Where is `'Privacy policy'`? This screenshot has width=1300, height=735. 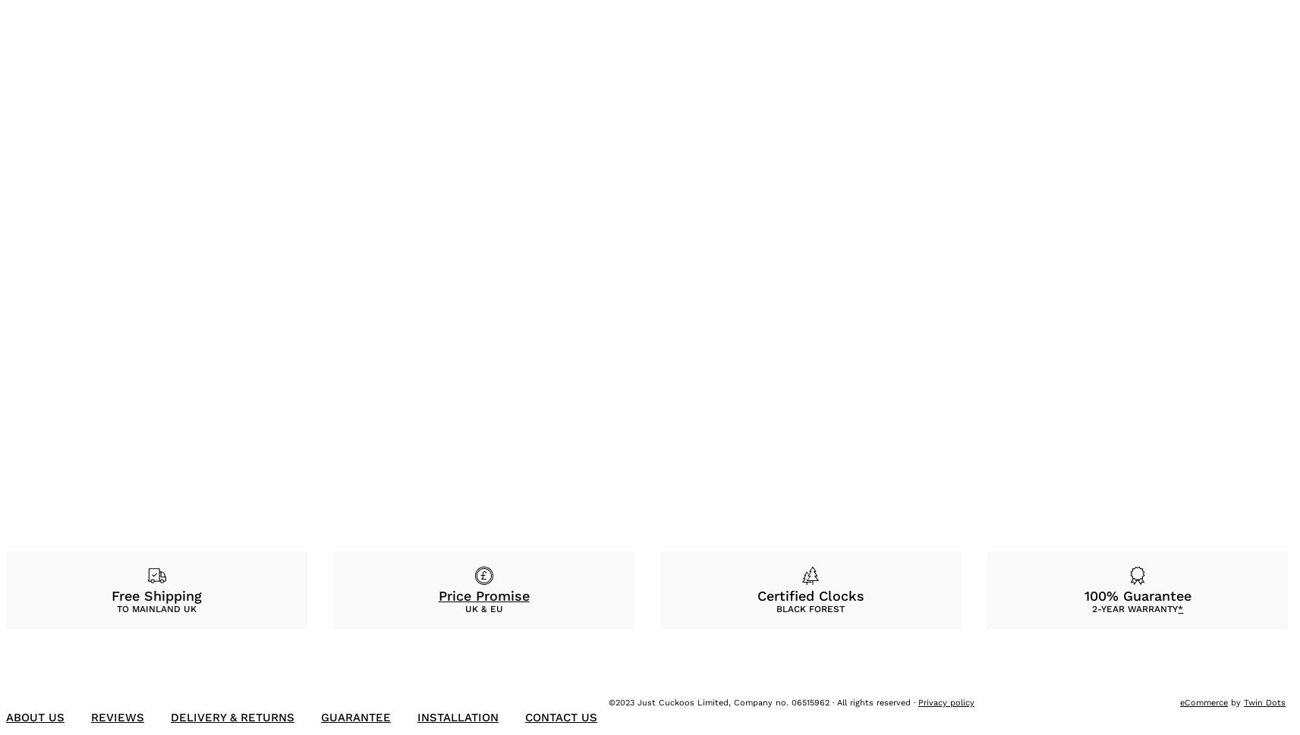 'Privacy policy' is located at coordinates (946, 702).